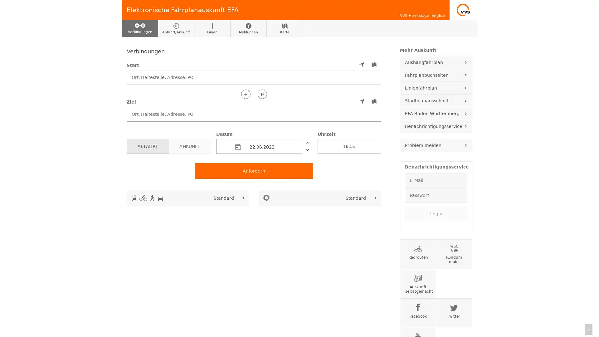  What do you see at coordinates (375, 198) in the screenshot?
I see `Fahroptionen` at bounding box center [375, 198].